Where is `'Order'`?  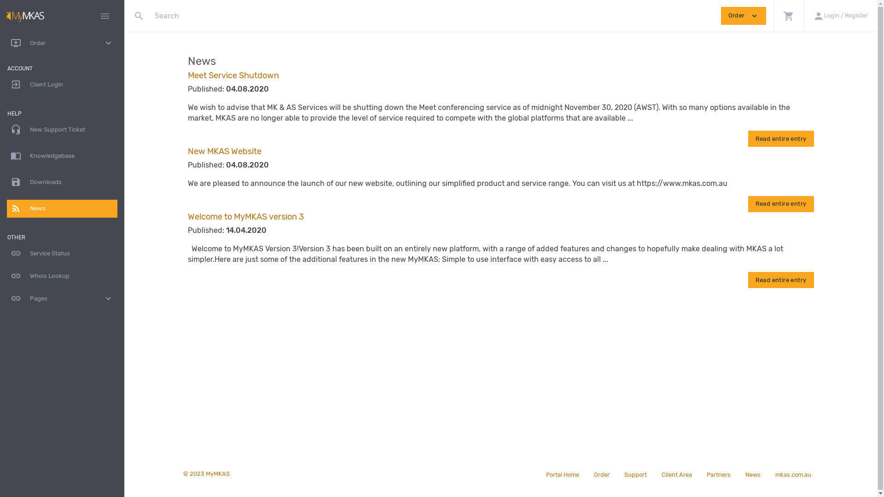
'Order' is located at coordinates (601, 474).